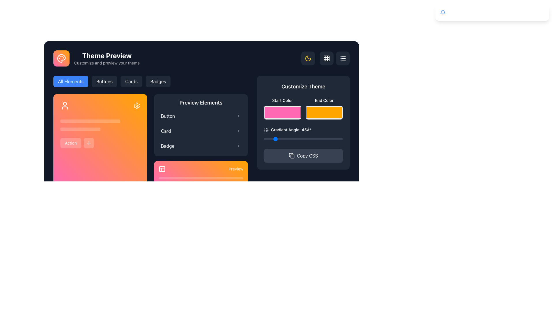 The width and height of the screenshot is (554, 311). Describe the element at coordinates (303, 134) in the screenshot. I see `the label displaying 'Gradient Angle: 45°' in the 'Customize Theme' section, which is positioned above the 'Copy CSS' button` at that location.